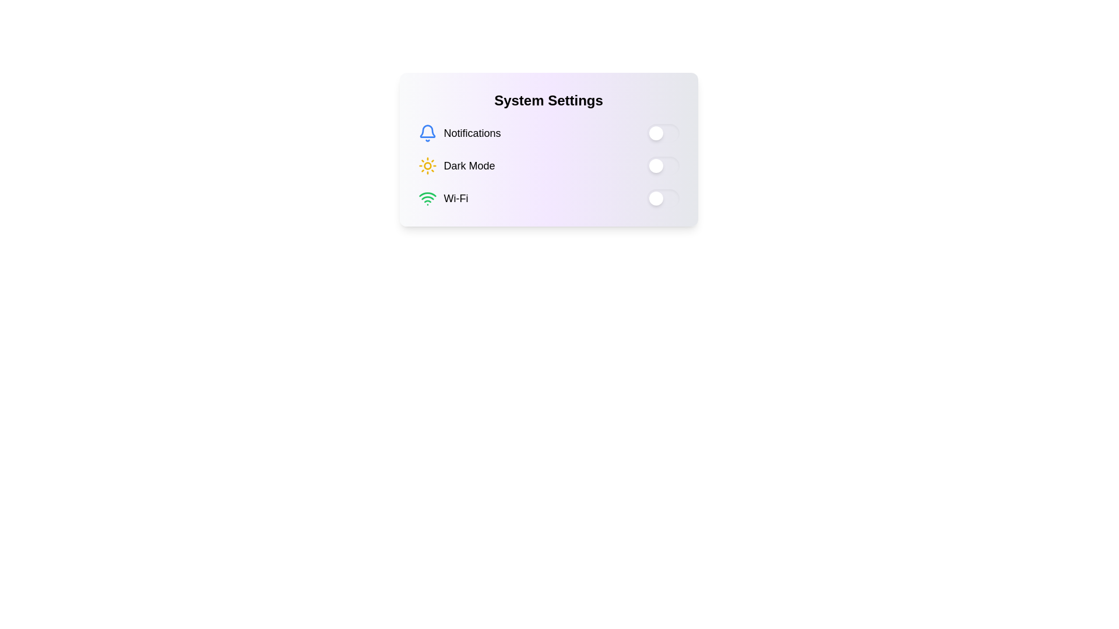 The height and width of the screenshot is (629, 1119). What do you see at coordinates (548, 166) in the screenshot?
I see `the toggle switch in the Settings option` at bounding box center [548, 166].